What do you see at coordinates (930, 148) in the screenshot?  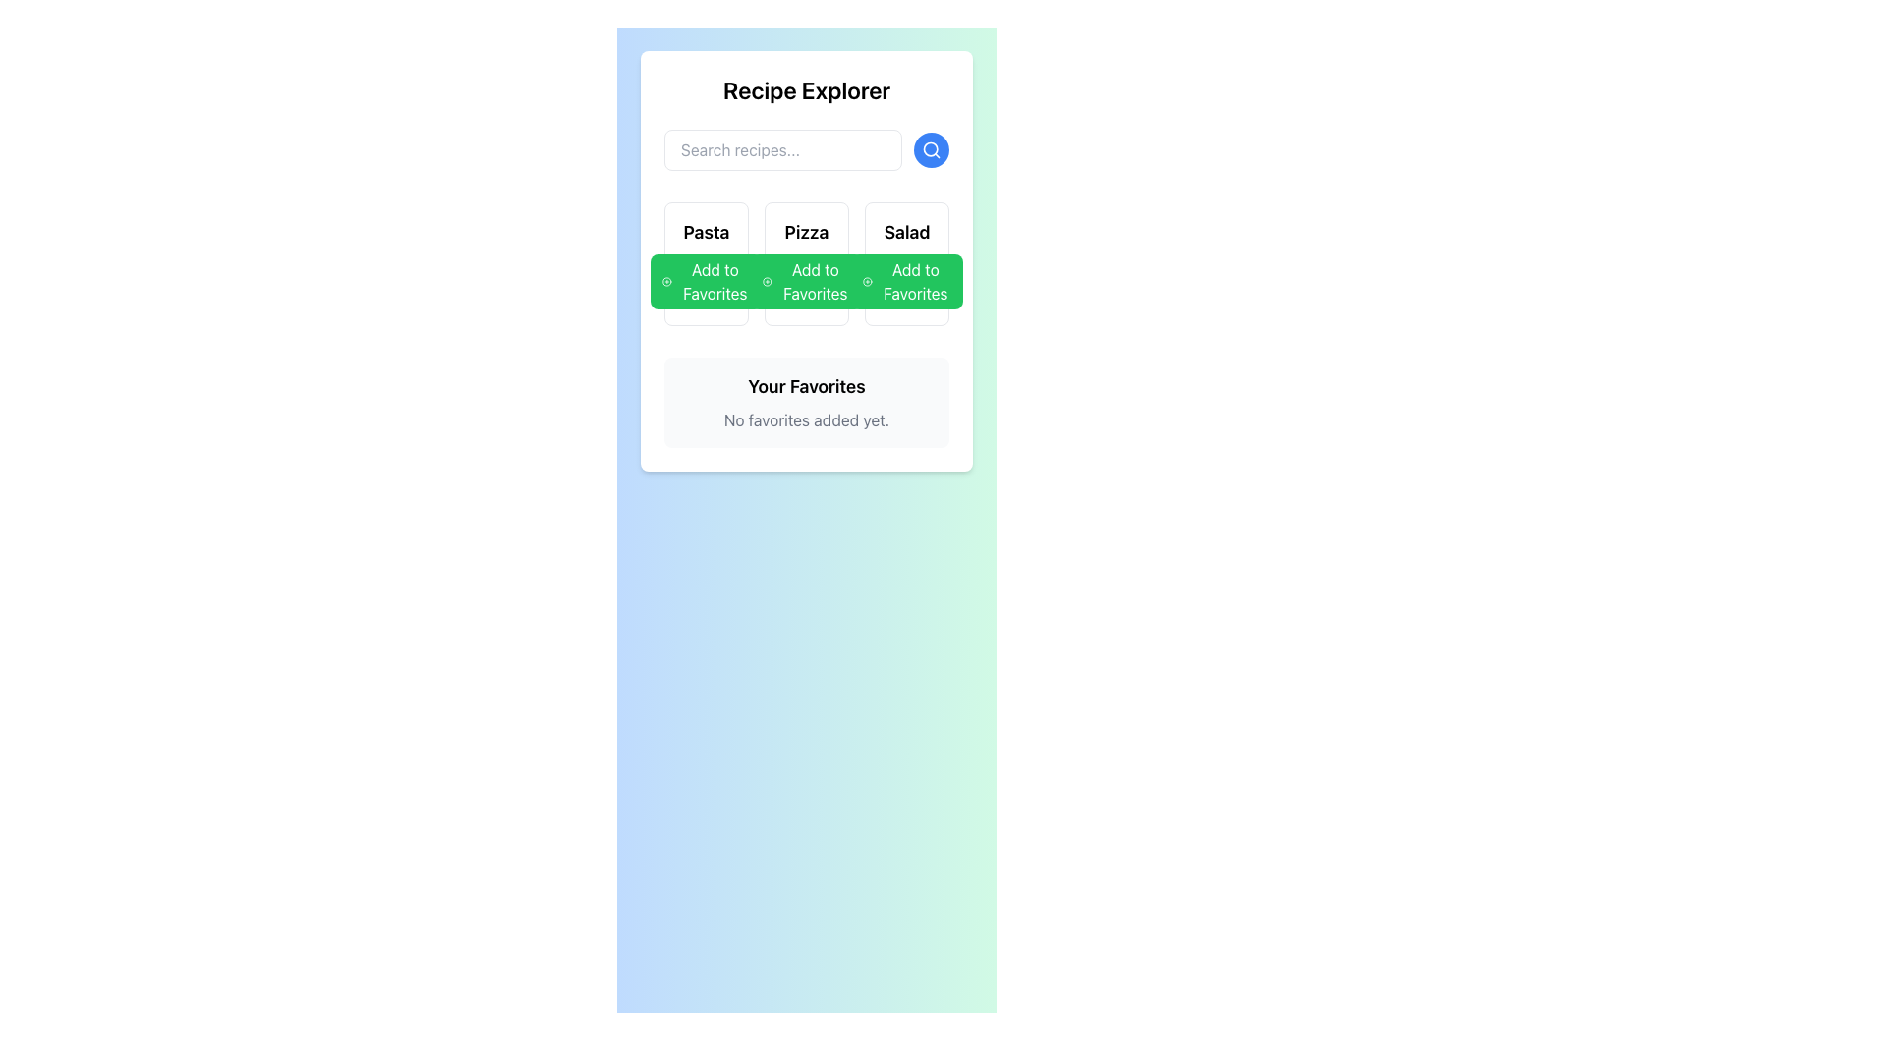 I see `the SVG Circle element that symbolizes the lens of the magnifying glass in the search icon located in the upper-right corner of the 'Recipe Explorer' panel` at bounding box center [930, 148].